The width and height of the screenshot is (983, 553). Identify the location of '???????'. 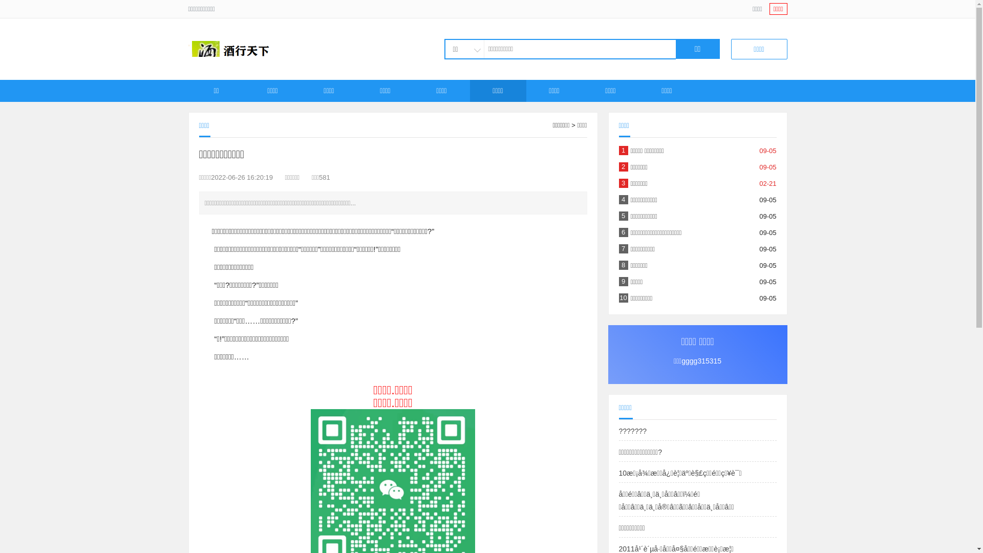
(632, 431).